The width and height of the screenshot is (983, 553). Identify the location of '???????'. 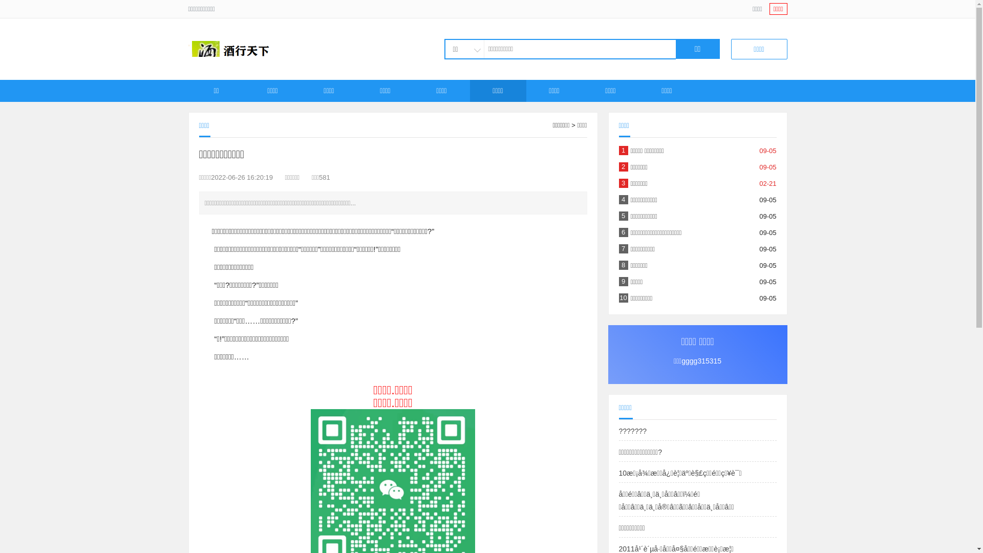
(632, 431).